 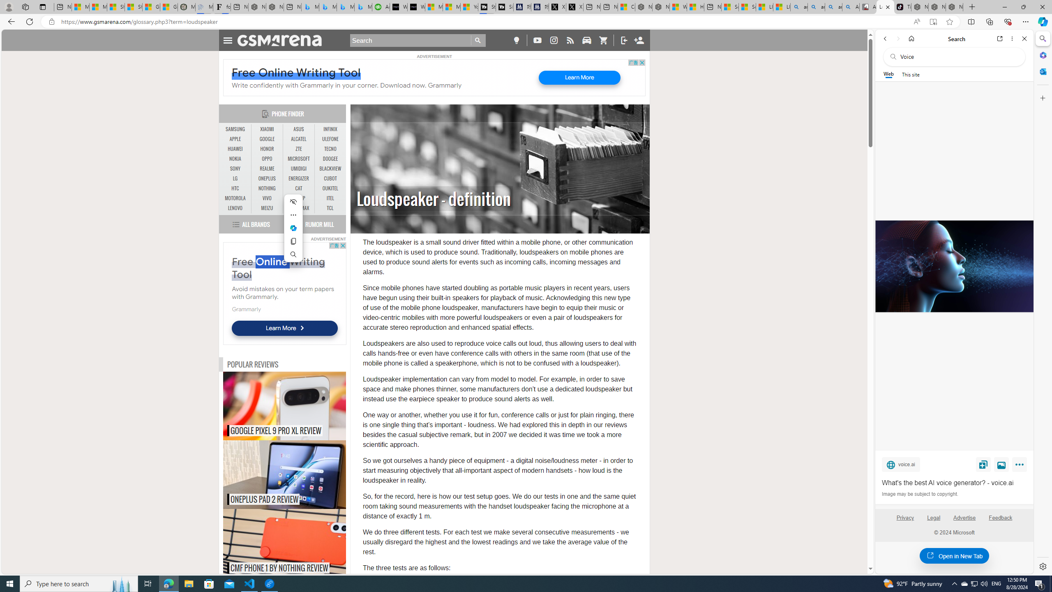 What do you see at coordinates (267, 129) in the screenshot?
I see `'XIAOMI'` at bounding box center [267, 129].